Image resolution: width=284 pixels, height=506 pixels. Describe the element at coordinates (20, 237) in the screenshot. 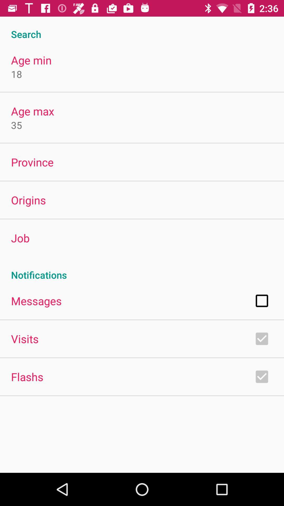

I see `the app above the notifications icon` at that location.